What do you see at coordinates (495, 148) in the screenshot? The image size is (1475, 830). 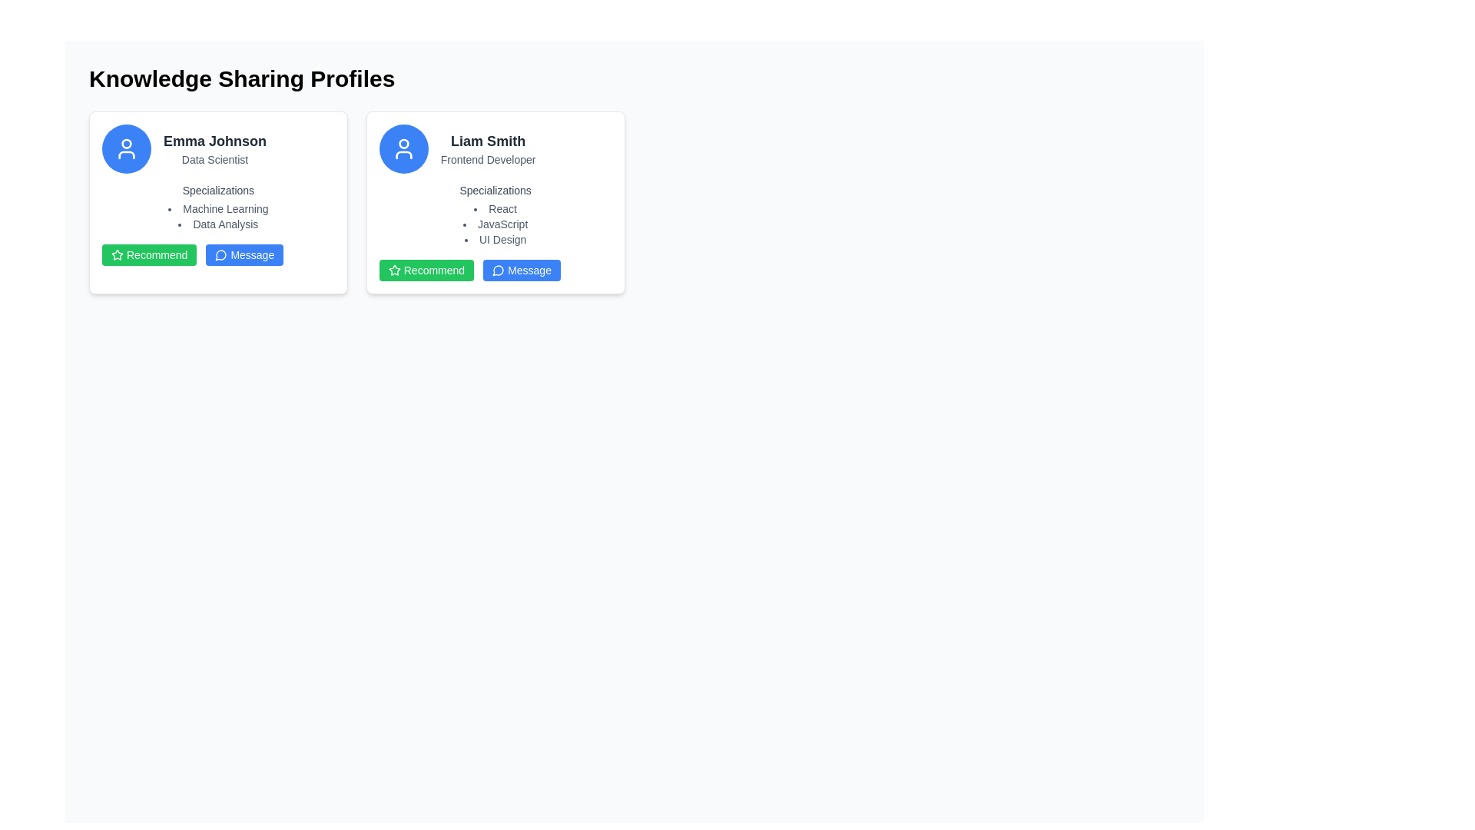 I see `textual information in the profile summary section located in the topmost area of the second profile card from the left` at bounding box center [495, 148].